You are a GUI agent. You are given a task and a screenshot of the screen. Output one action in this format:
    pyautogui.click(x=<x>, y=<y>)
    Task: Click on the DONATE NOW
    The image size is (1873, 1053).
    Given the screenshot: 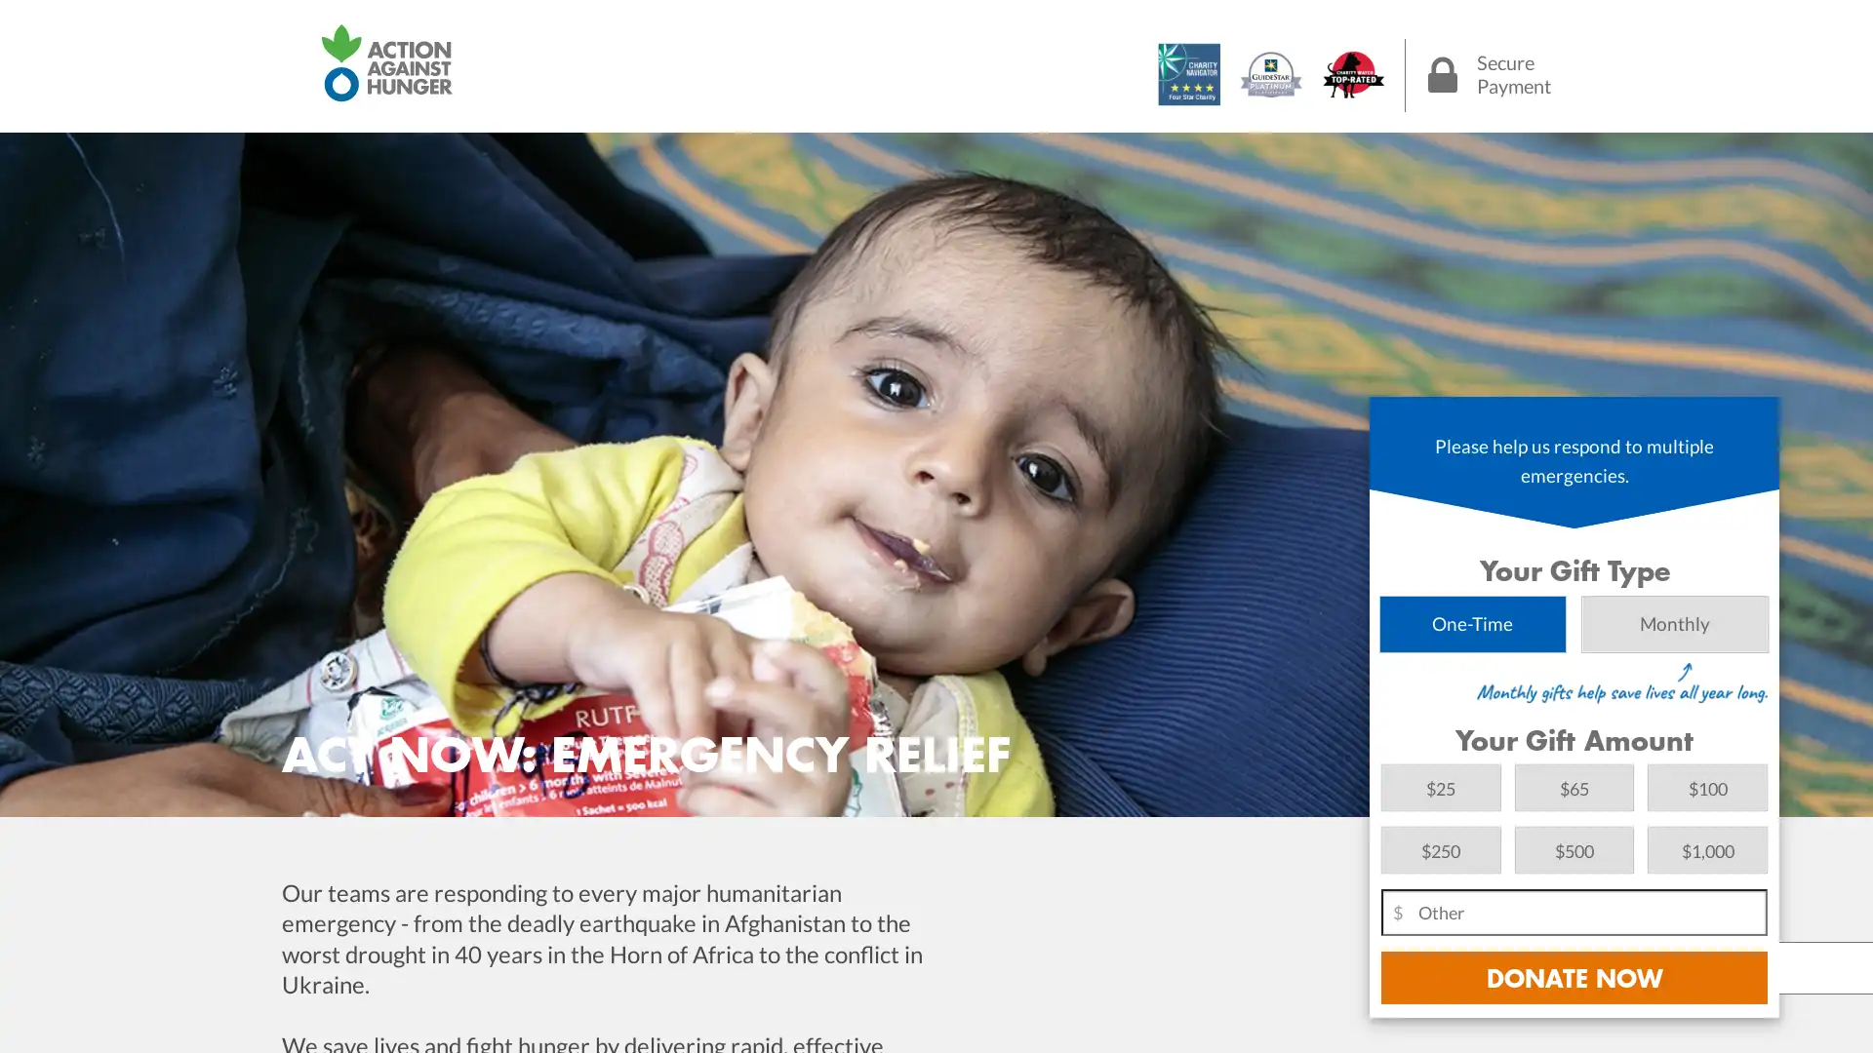 What is the action you would take?
    pyautogui.click(x=1574, y=977)
    